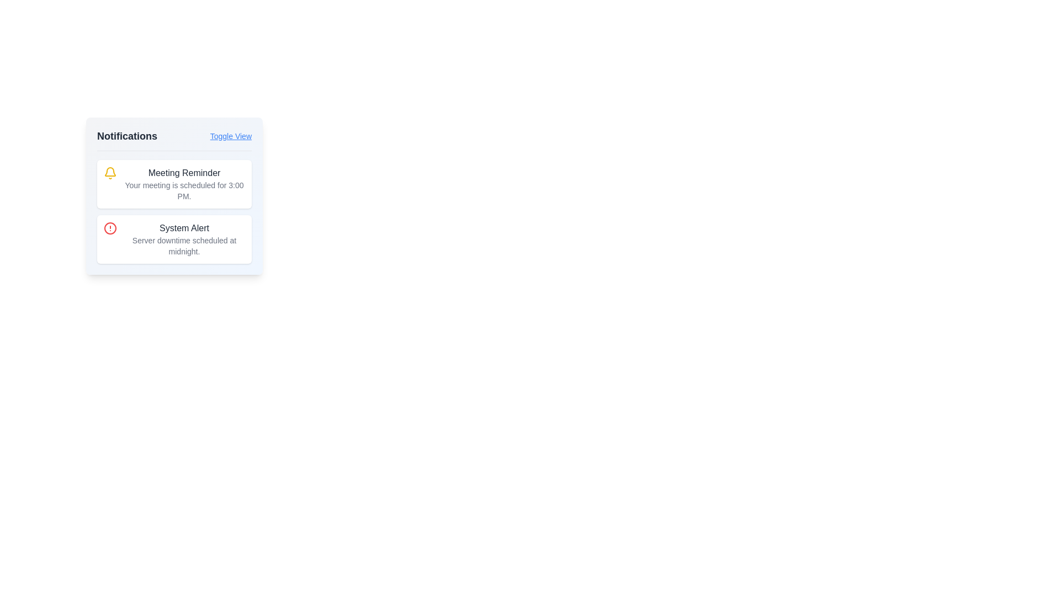 The image size is (1060, 596). What do you see at coordinates (110, 172) in the screenshot?
I see `the upper portion of the bell icon which has a yellow outline, part of the notification panel` at bounding box center [110, 172].